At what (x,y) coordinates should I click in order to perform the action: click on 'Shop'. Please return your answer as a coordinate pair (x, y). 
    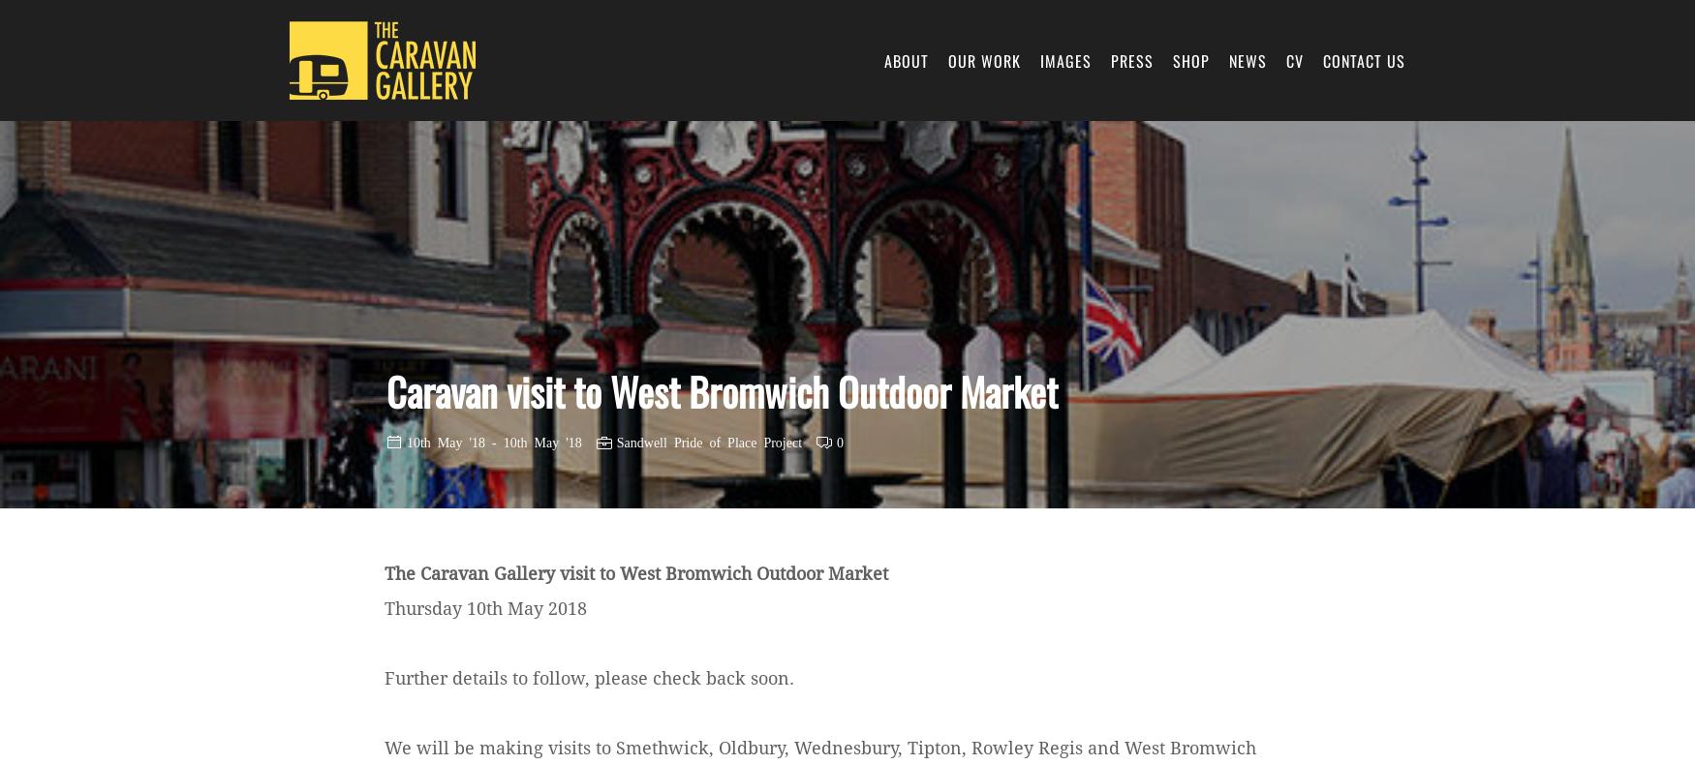
    Looking at the image, I should click on (1191, 59).